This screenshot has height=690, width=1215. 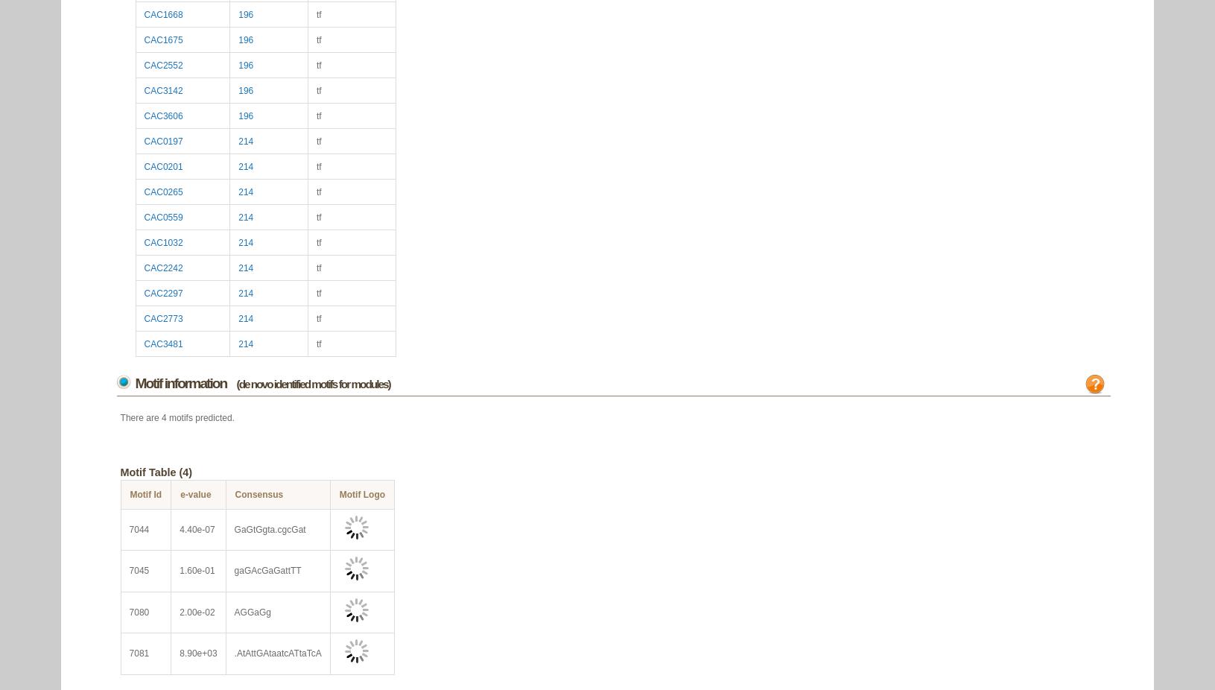 I want to click on 'CAC2552', so click(x=163, y=64).